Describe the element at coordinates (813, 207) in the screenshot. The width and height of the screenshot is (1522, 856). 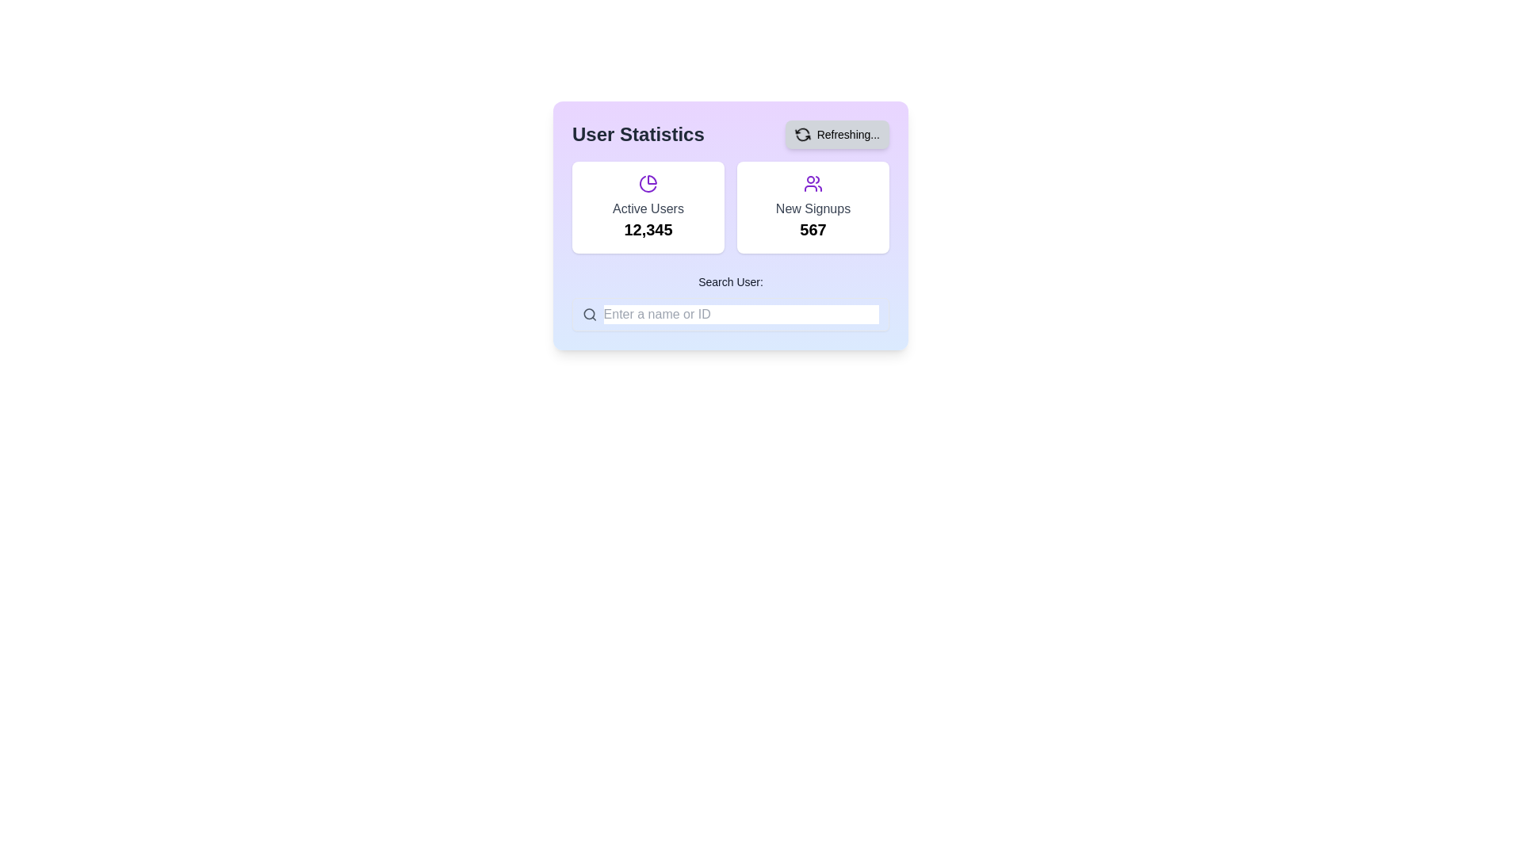
I see `information displayed on the Informational card titled 'New Signups', which shows the number '567' in bold black text` at that location.